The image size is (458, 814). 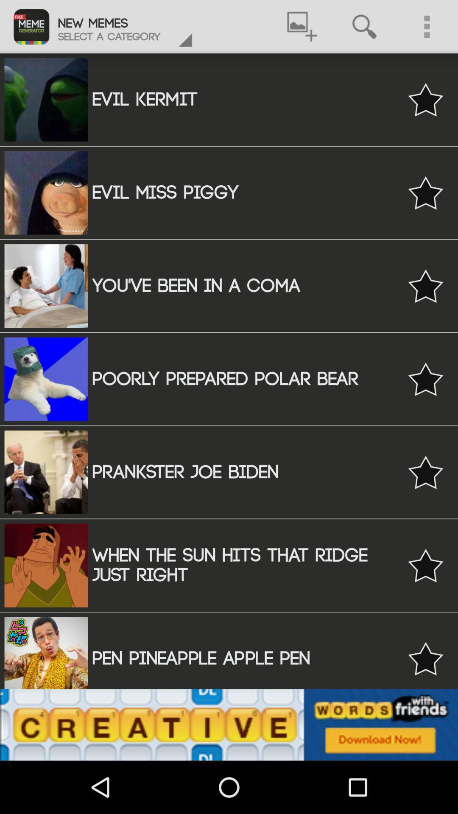 What do you see at coordinates (425, 286) in the screenshot?
I see `memes list like instal option` at bounding box center [425, 286].